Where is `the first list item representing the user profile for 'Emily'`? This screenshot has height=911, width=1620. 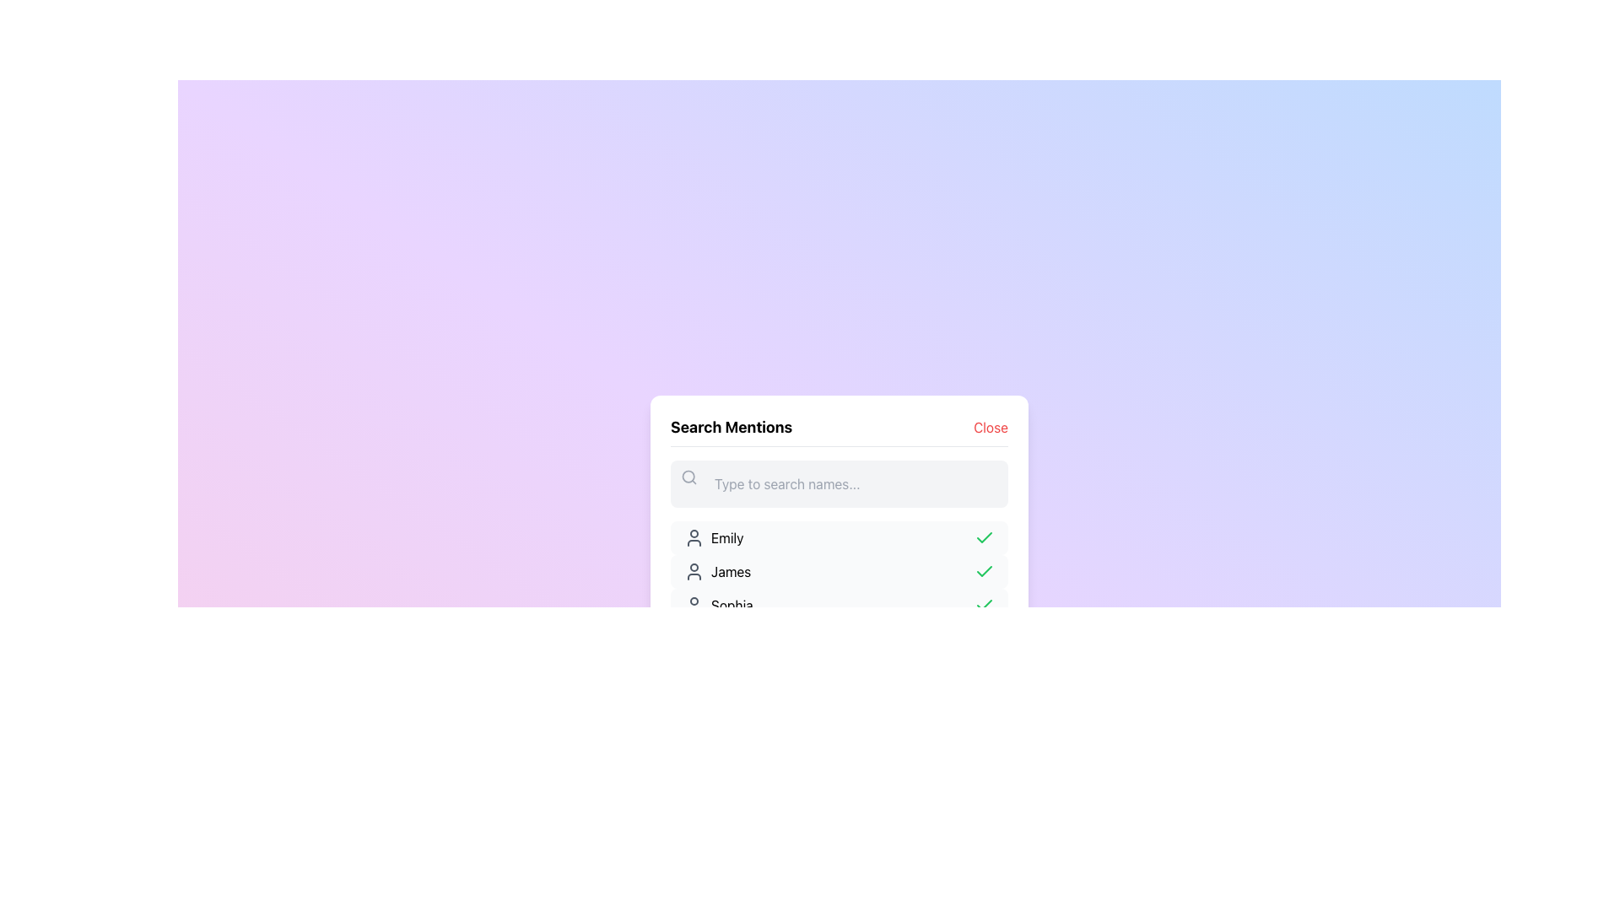
the first list item representing the user profile for 'Emily' is located at coordinates (839, 537).